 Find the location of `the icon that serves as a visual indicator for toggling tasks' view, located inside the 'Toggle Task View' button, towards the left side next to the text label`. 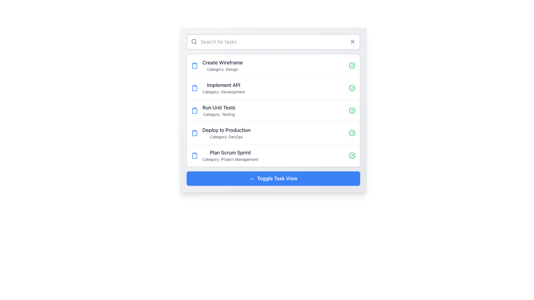

the icon that serves as a visual indicator for toggling tasks' view, located inside the 'Toggle Task View' button, towards the left side next to the text label is located at coordinates (252, 179).